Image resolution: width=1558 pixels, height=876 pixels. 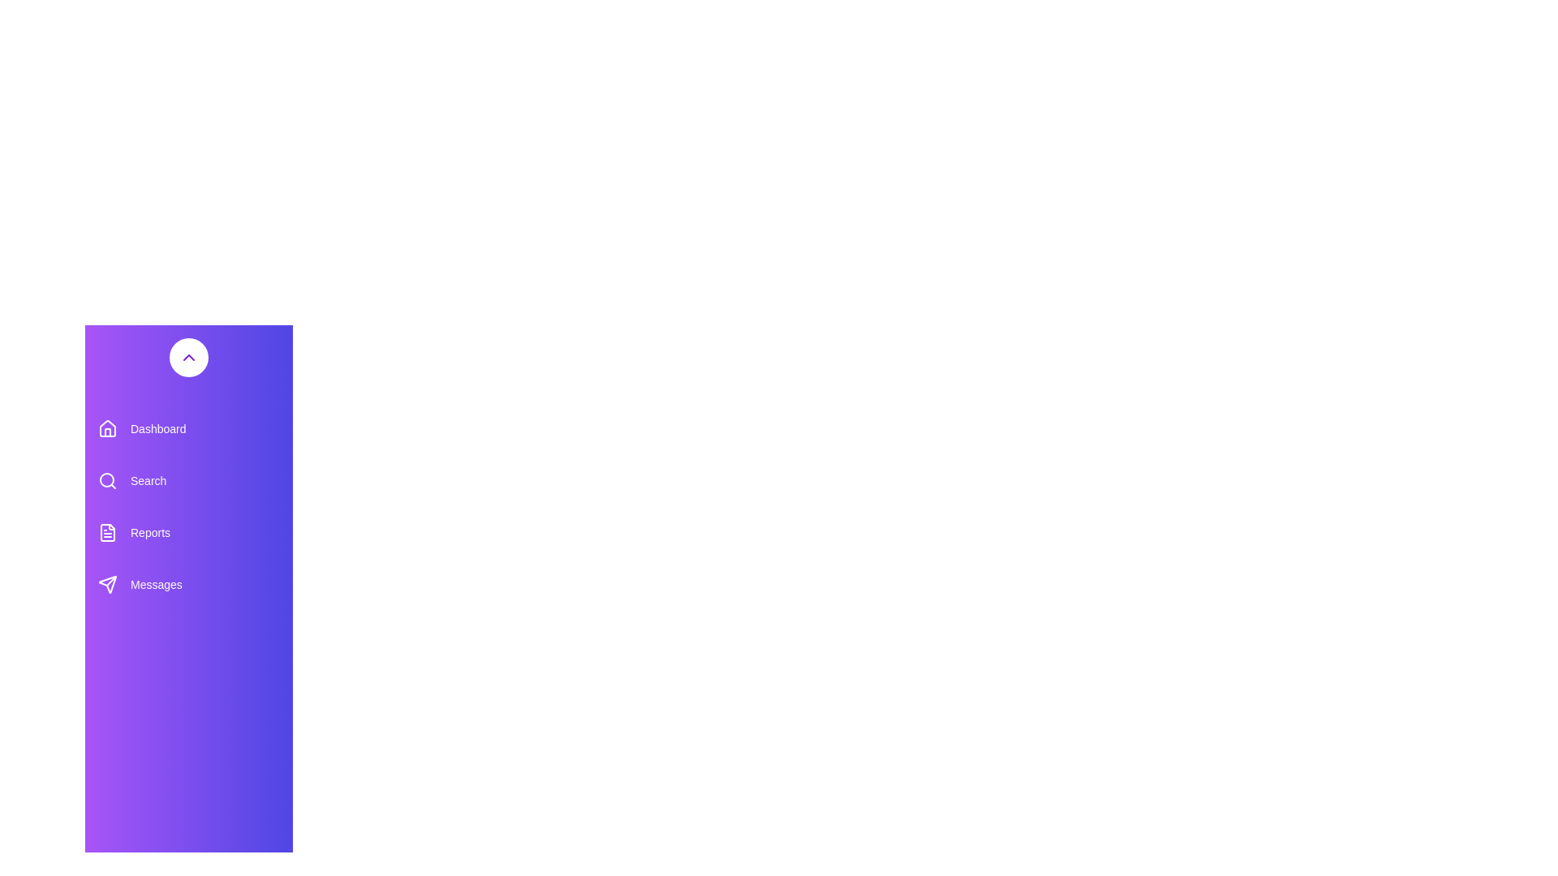 I want to click on the triangular graphical icon resembling a paper plane in the 'Messages' navigation item, so click(x=107, y=585).